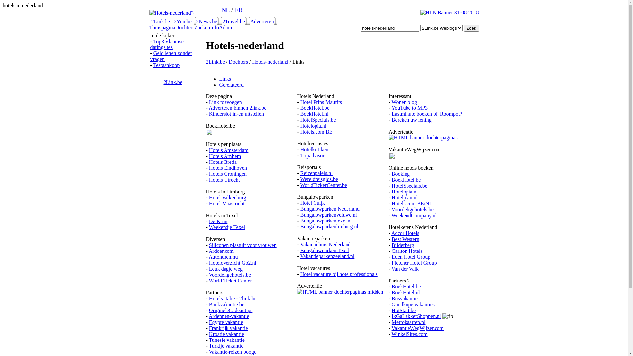 The width and height of the screenshot is (633, 356). What do you see at coordinates (330, 209) in the screenshot?
I see `'Bungalowparken Nederland'` at bounding box center [330, 209].